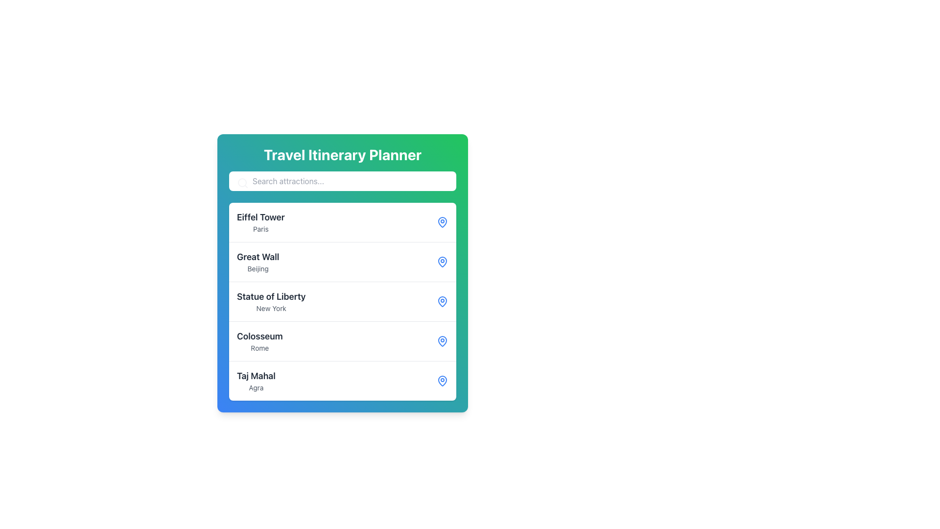 The height and width of the screenshot is (529, 940). Describe the element at coordinates (259, 341) in the screenshot. I see `the fourth text label` at that location.